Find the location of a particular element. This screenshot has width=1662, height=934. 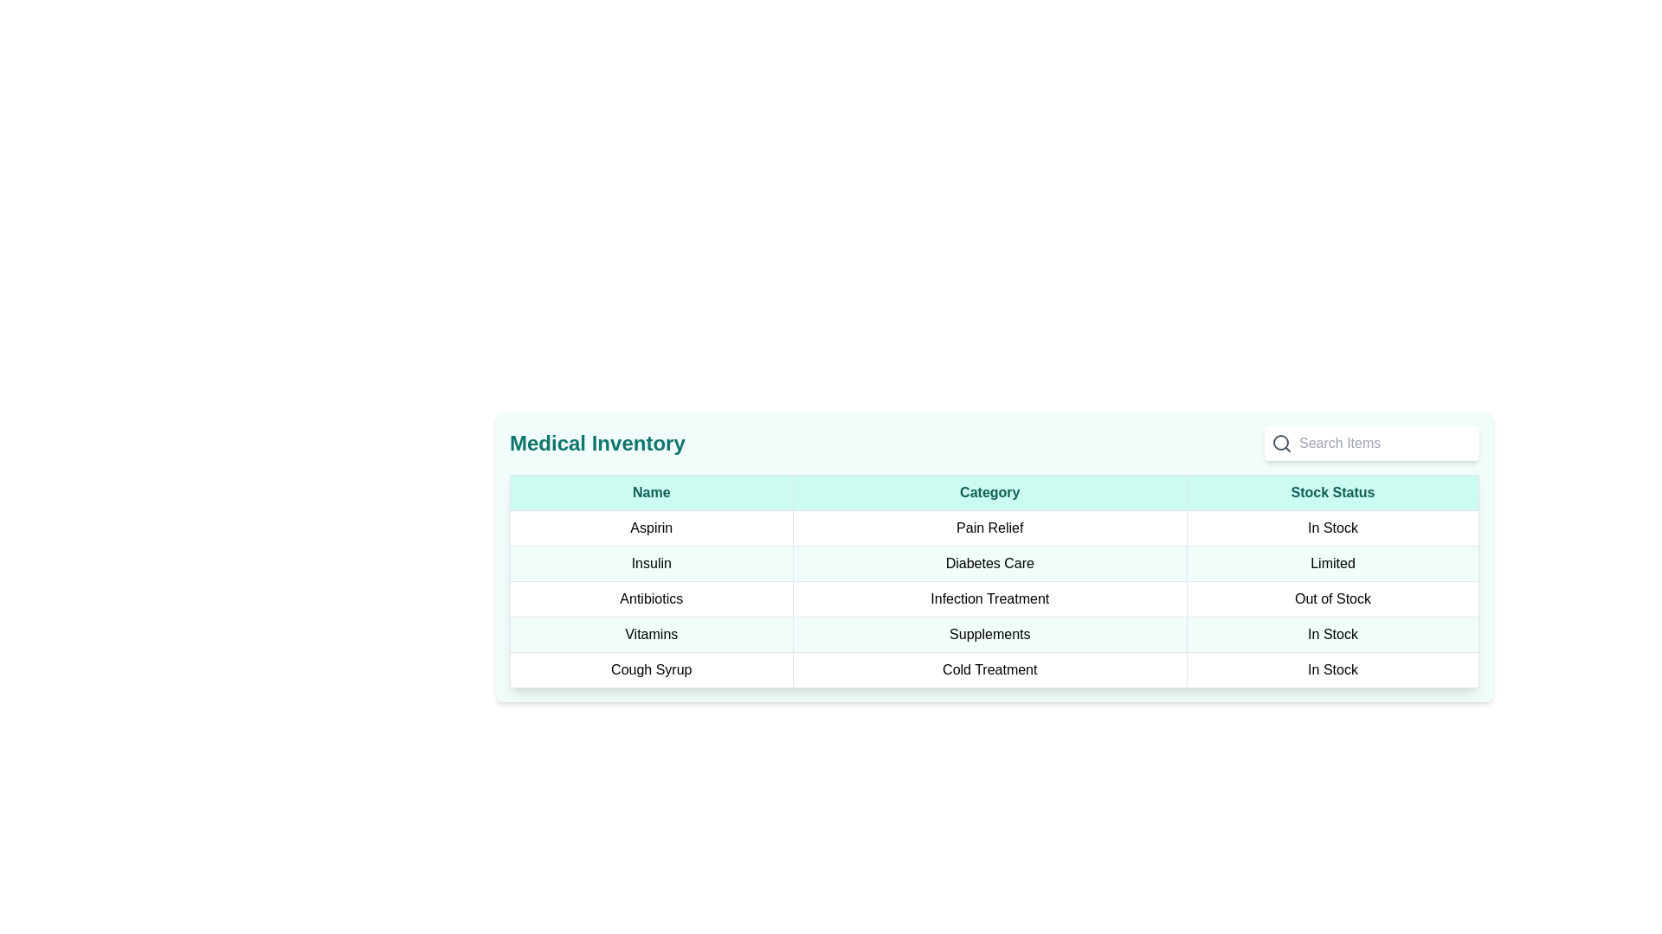

the 'Stock Status' column header, which is styled with bold text on a mint green background and is the rightmost column in the header row of a medical inventory table is located at coordinates (1332, 493).